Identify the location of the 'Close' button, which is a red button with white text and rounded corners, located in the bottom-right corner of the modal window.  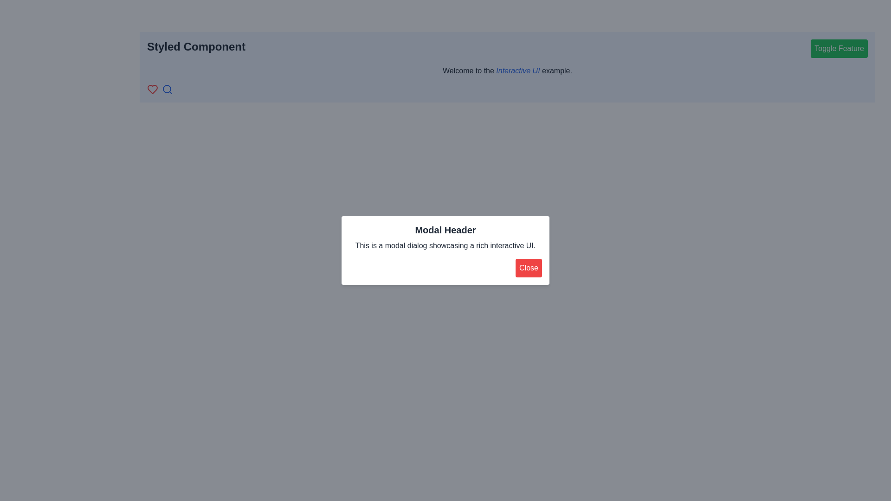
(529, 268).